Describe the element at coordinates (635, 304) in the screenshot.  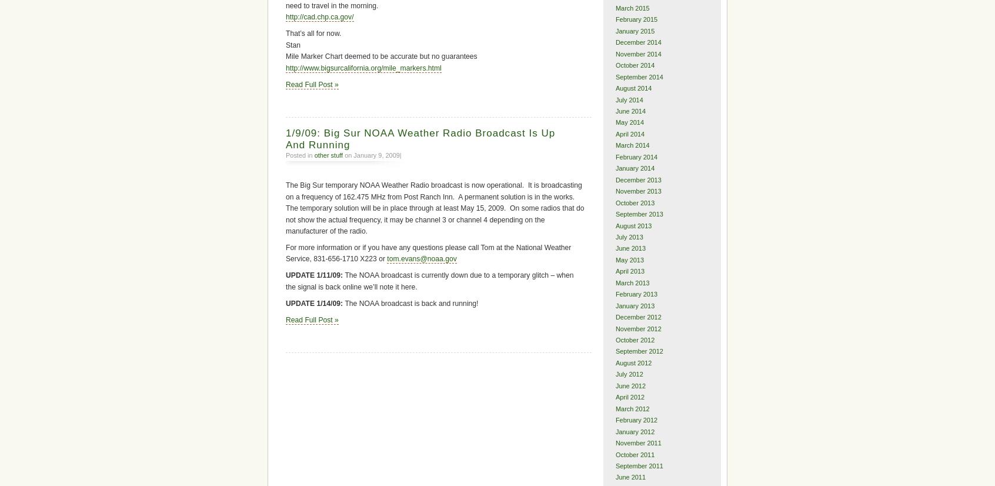
I see `'January 2013'` at that location.